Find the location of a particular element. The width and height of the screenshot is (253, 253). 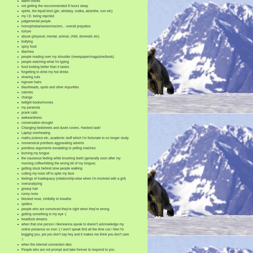

'change' is located at coordinates (26, 97).